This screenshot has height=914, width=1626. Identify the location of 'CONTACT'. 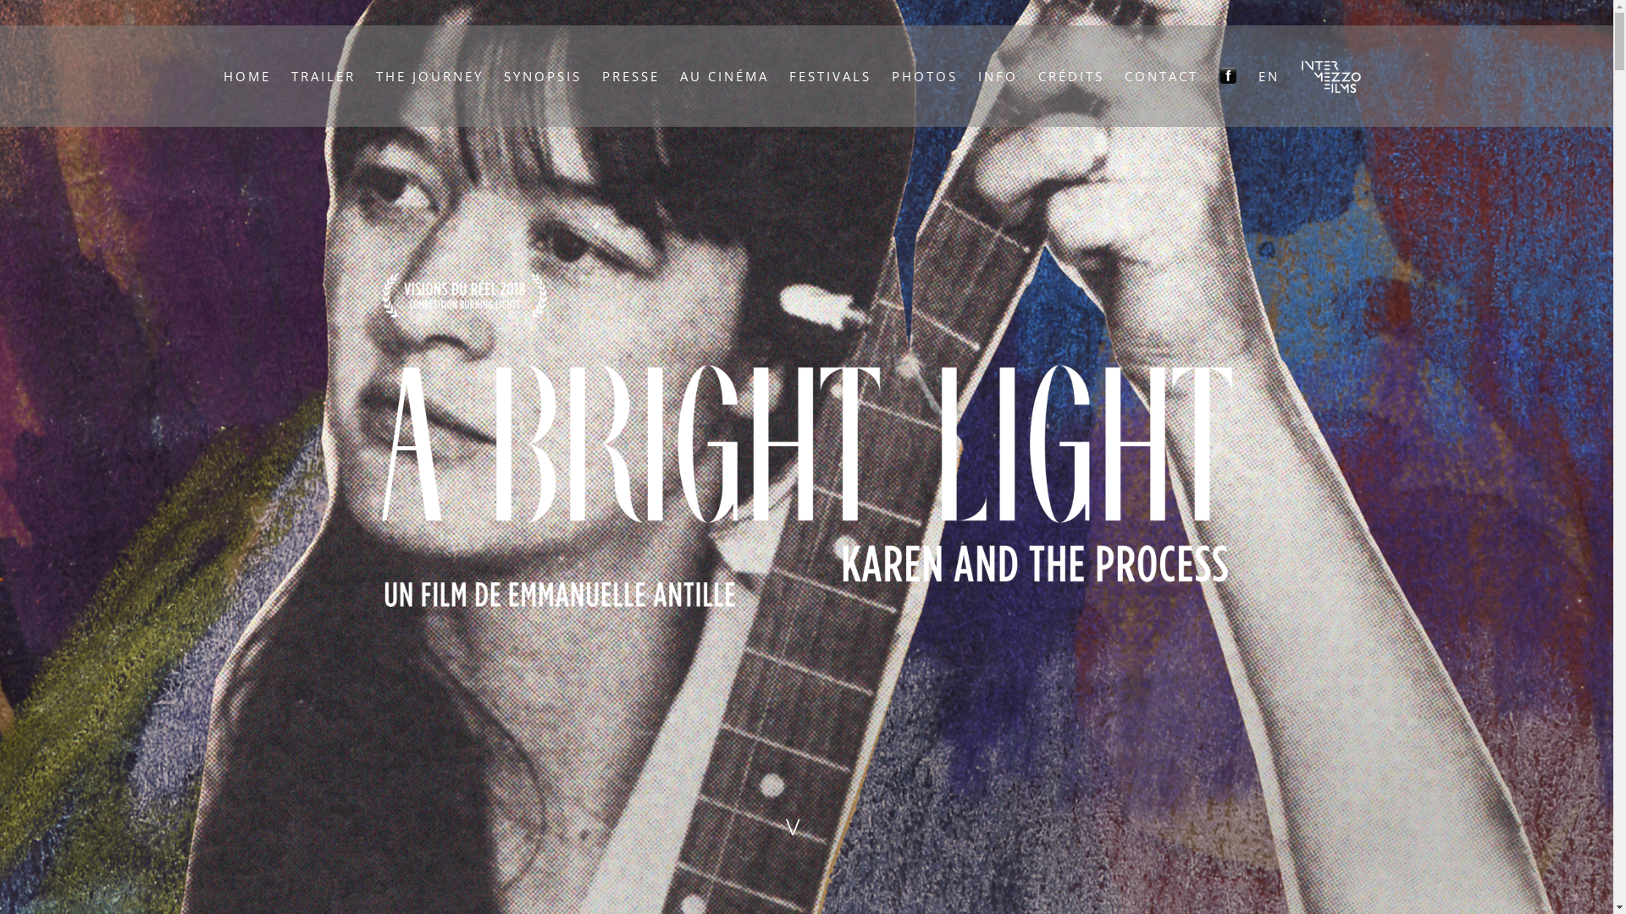
(1160, 74).